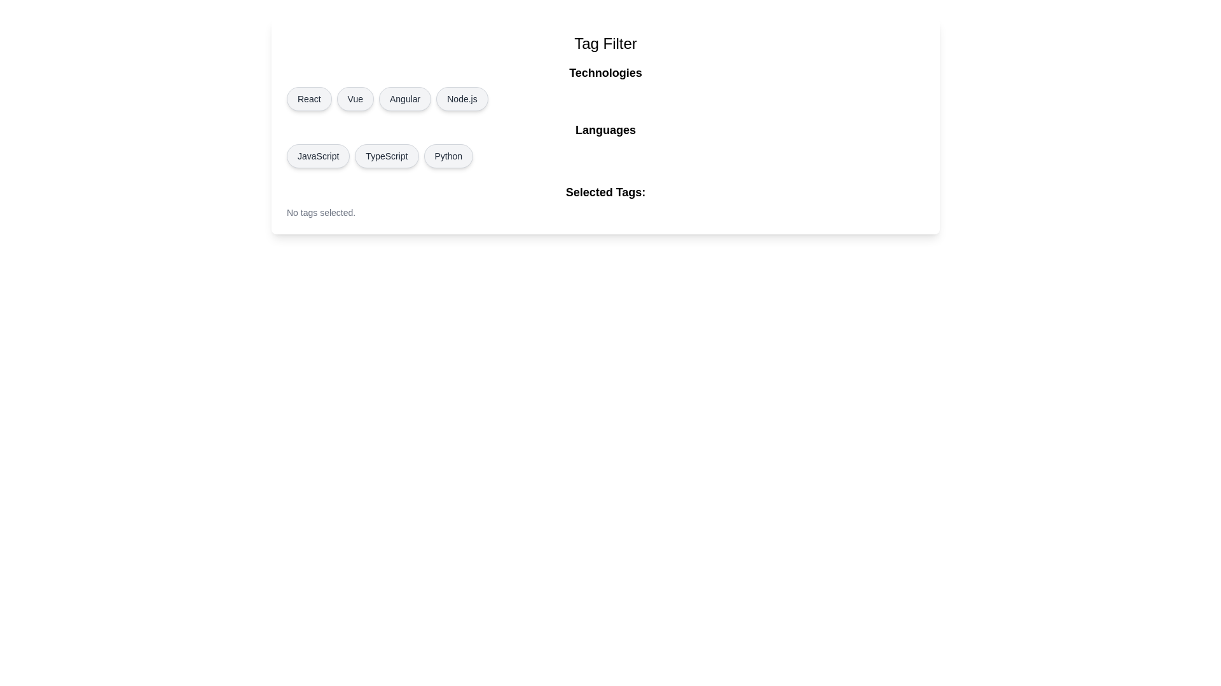 This screenshot has height=686, width=1221. Describe the element at coordinates (404, 98) in the screenshot. I see `the 'Angular' button, which is the third button in a group of four technology tags located in the upper-middle part of the interface` at that location.